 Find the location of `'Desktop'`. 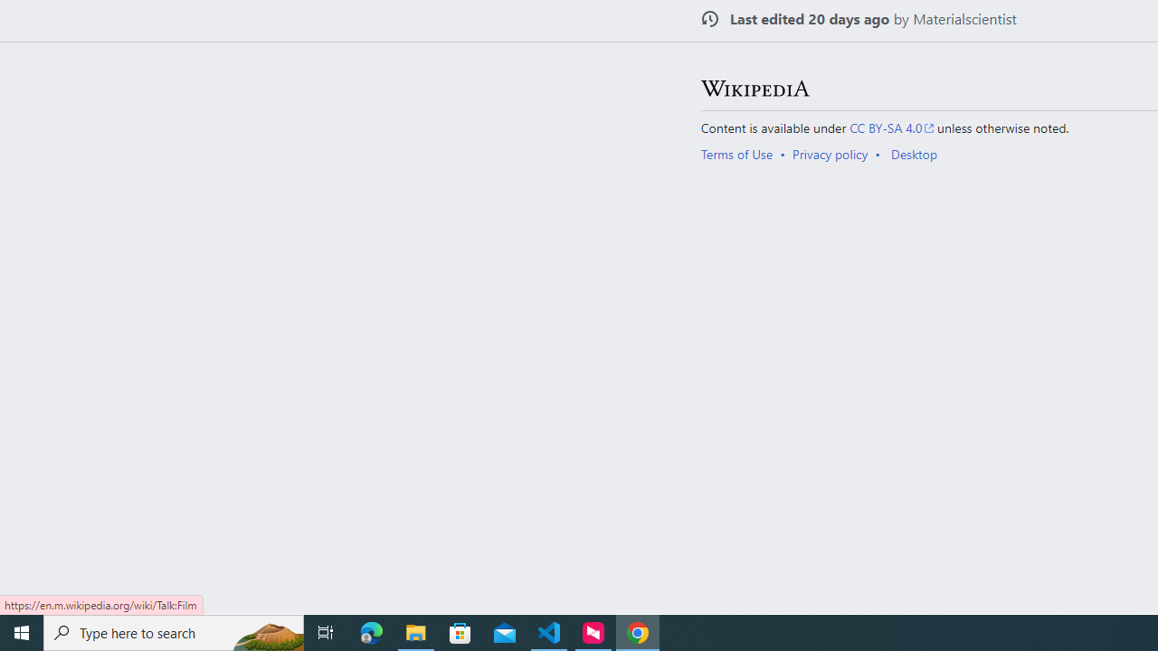

'Desktop' is located at coordinates (914, 152).